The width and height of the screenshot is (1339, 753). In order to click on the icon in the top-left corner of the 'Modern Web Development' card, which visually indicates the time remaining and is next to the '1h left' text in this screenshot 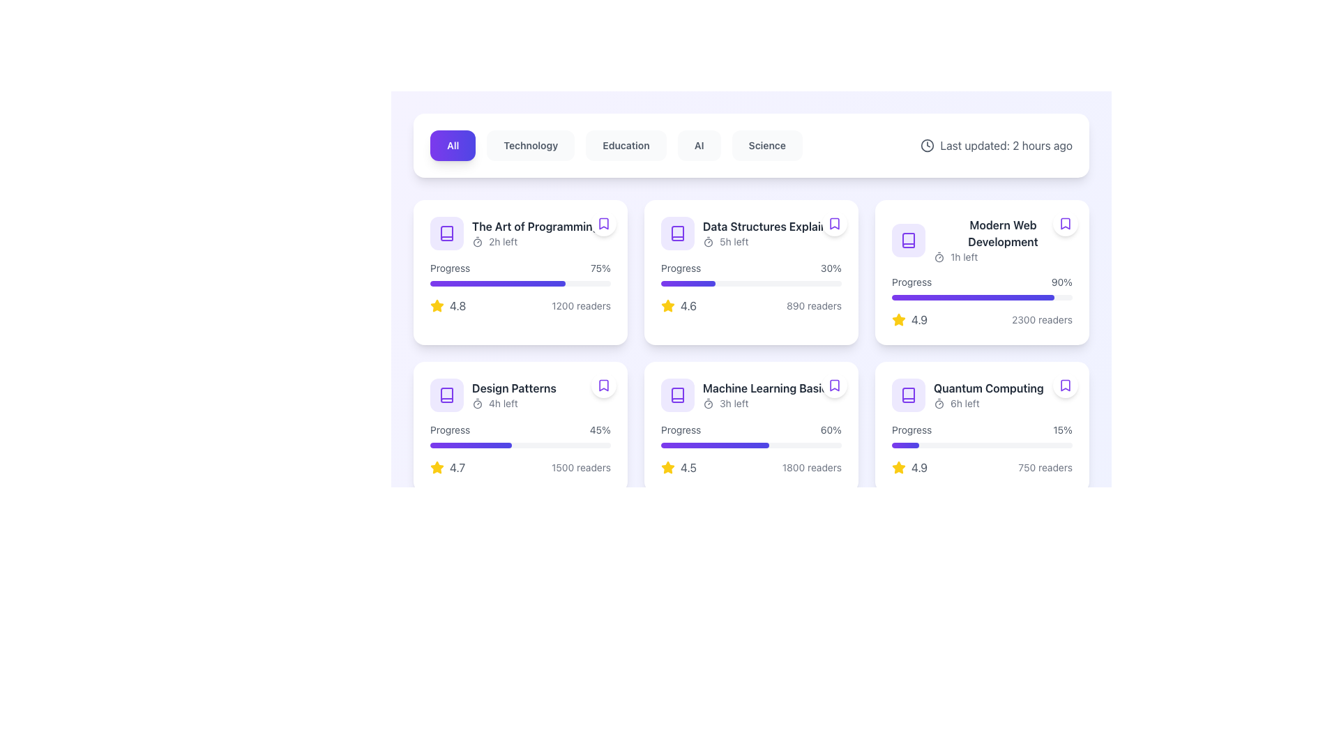, I will do `click(939, 257)`.